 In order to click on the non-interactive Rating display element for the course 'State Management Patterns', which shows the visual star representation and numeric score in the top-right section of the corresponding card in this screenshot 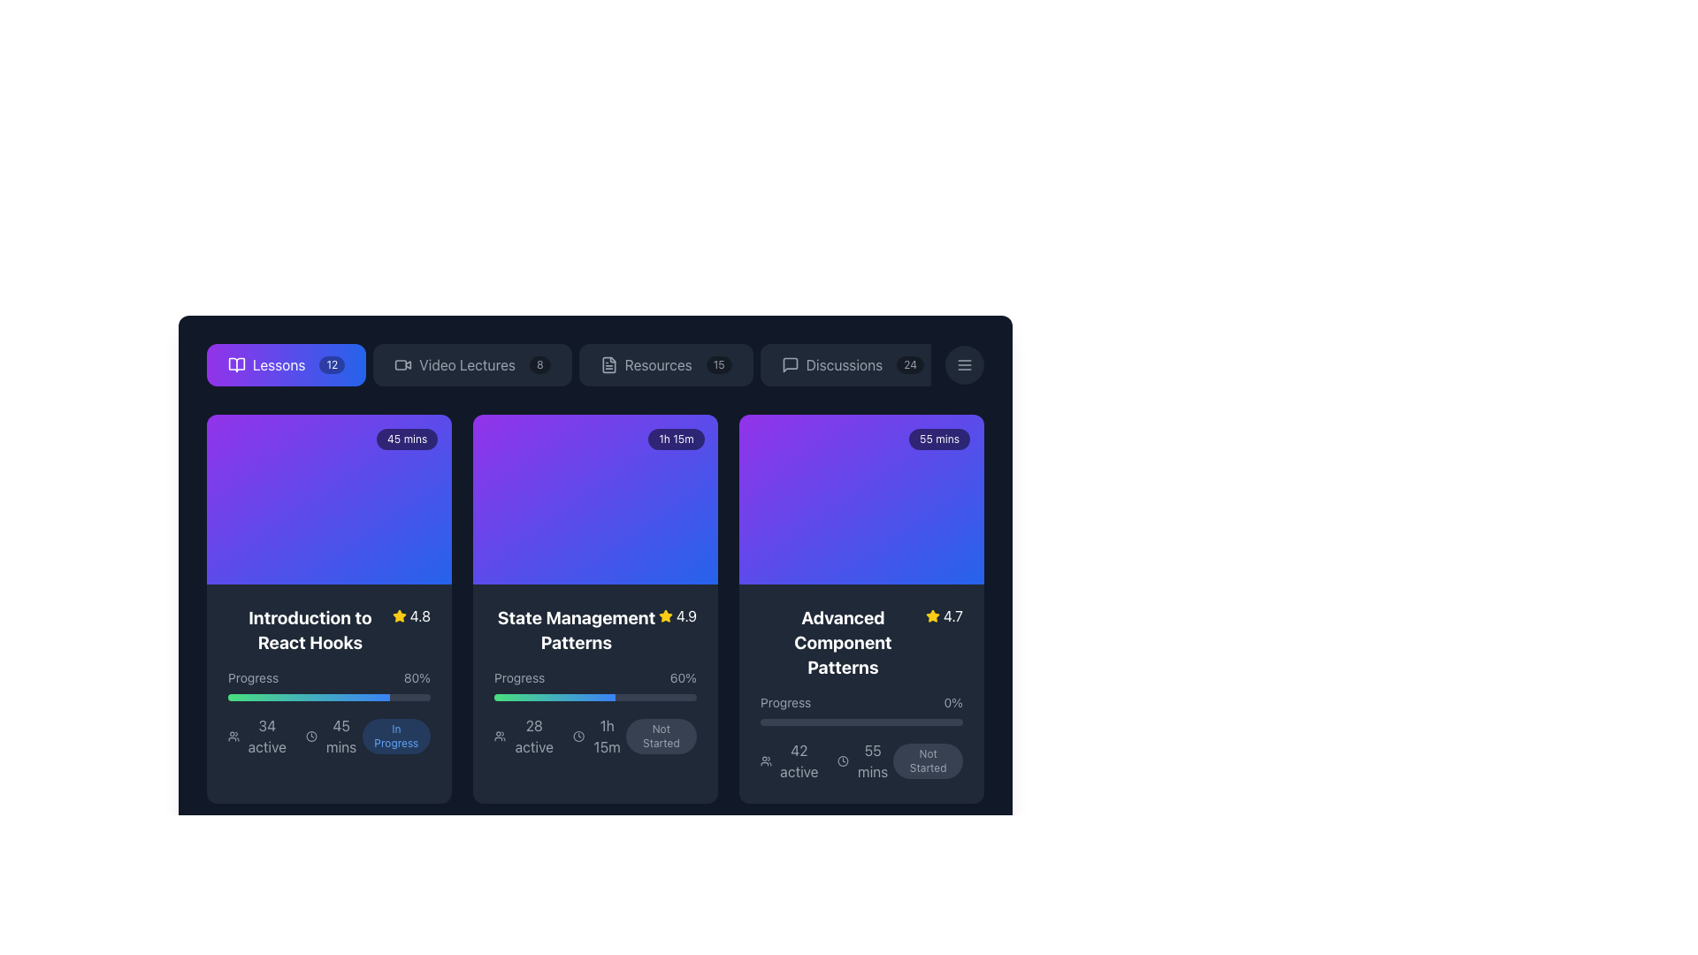, I will do `click(677, 615)`.